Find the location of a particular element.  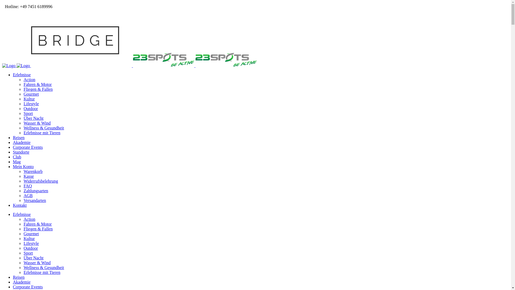

'Kasse' is located at coordinates (28, 176).